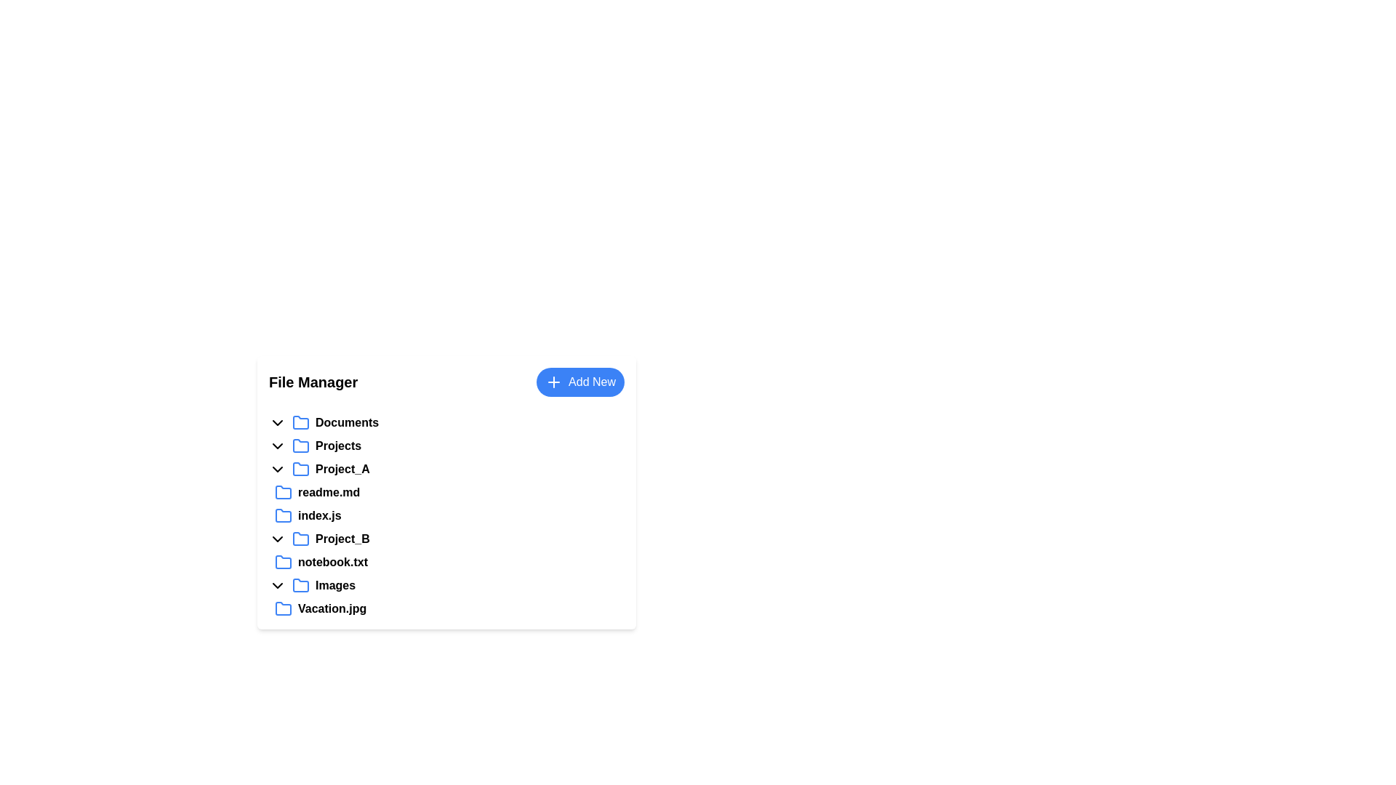  What do you see at coordinates (283, 561) in the screenshot?
I see `the folder icon located to the left of the text label 'notebook.txt' in the file manager interface` at bounding box center [283, 561].